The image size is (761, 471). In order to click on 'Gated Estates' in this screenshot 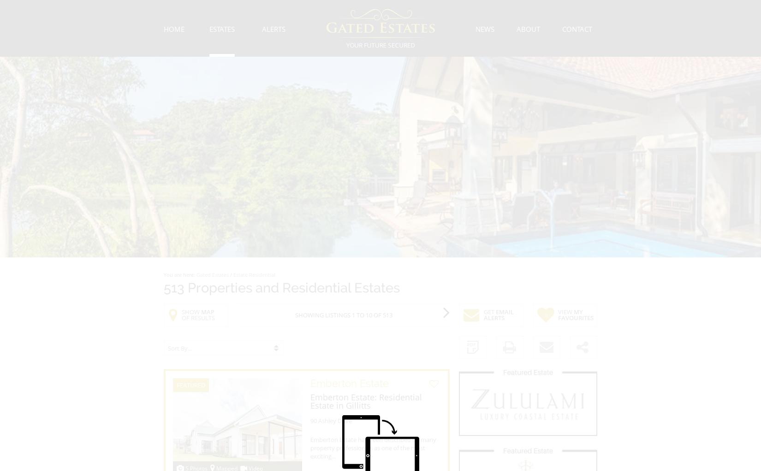, I will do `click(212, 274)`.